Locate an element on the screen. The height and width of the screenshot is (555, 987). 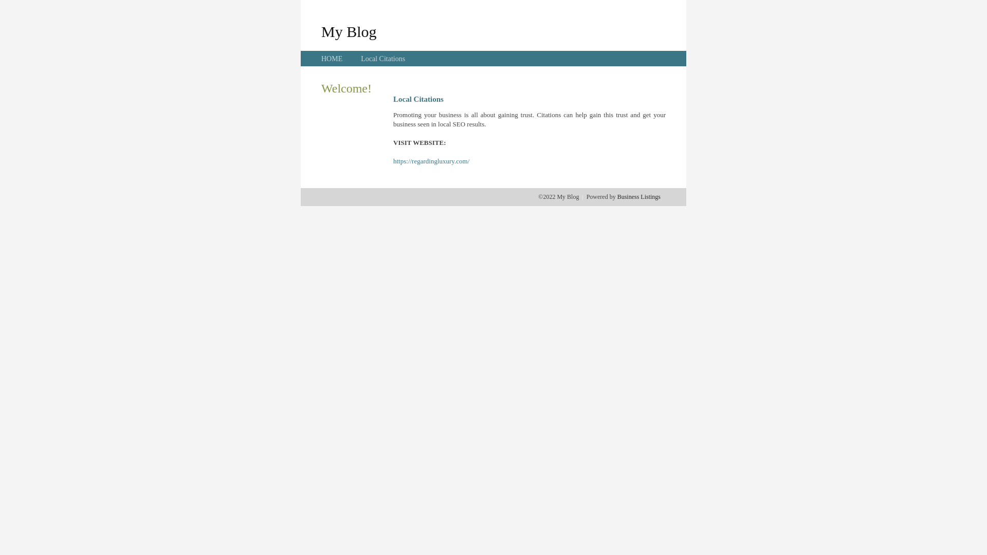
'HOME' is located at coordinates (332, 59).